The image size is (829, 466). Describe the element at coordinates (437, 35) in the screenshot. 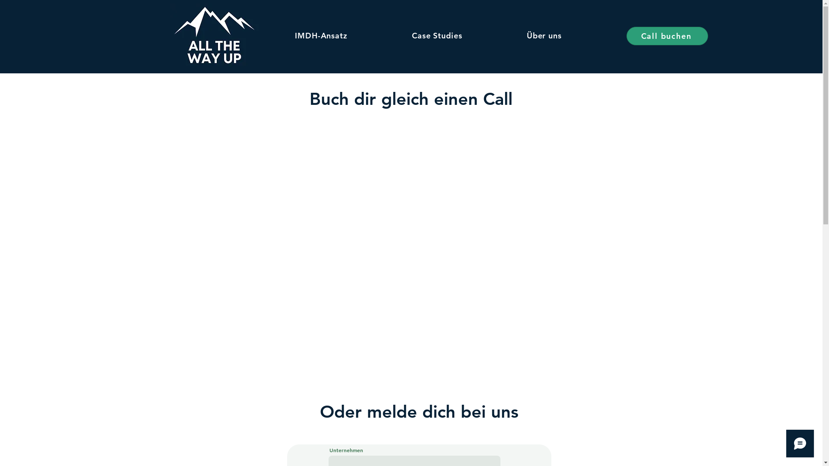

I see `'Case Studies'` at that location.